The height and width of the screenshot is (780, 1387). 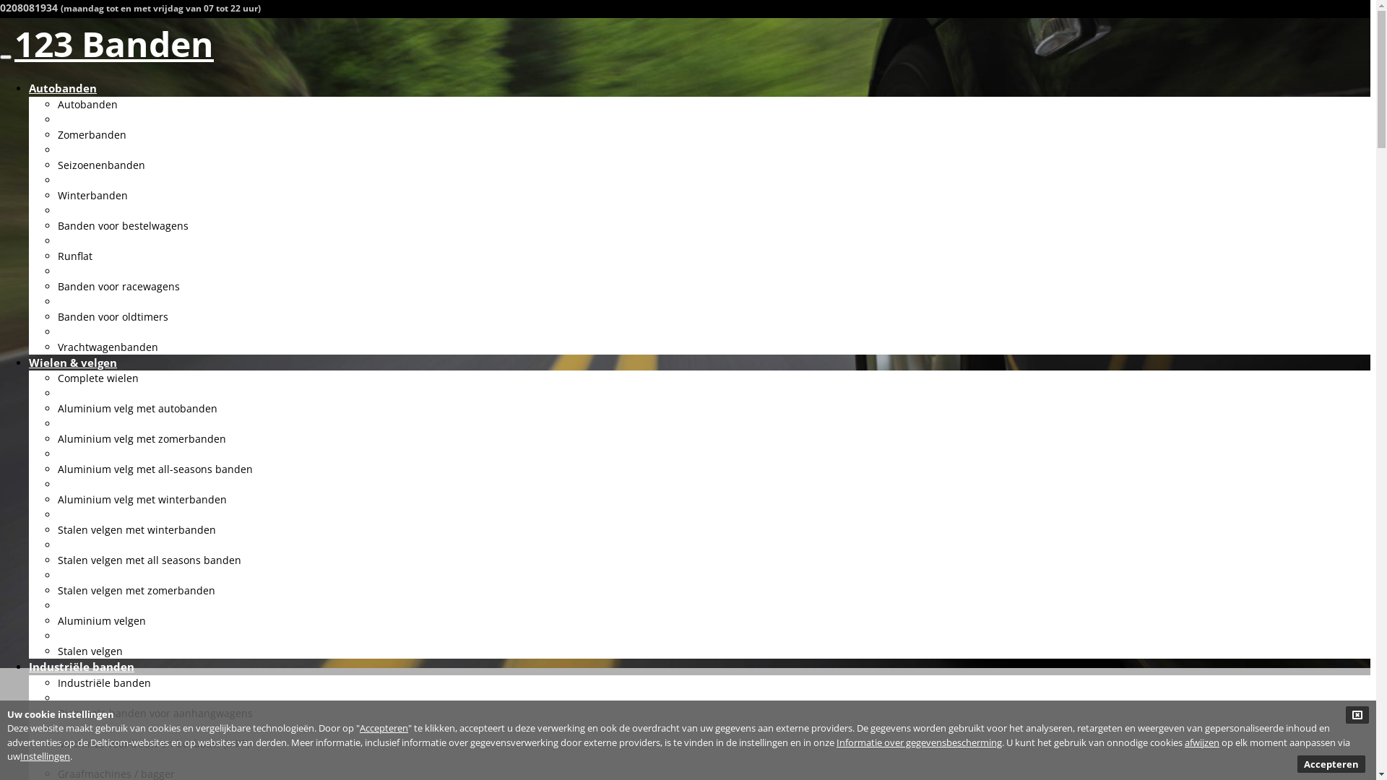 What do you see at coordinates (1202, 741) in the screenshot?
I see `'afwijzen'` at bounding box center [1202, 741].